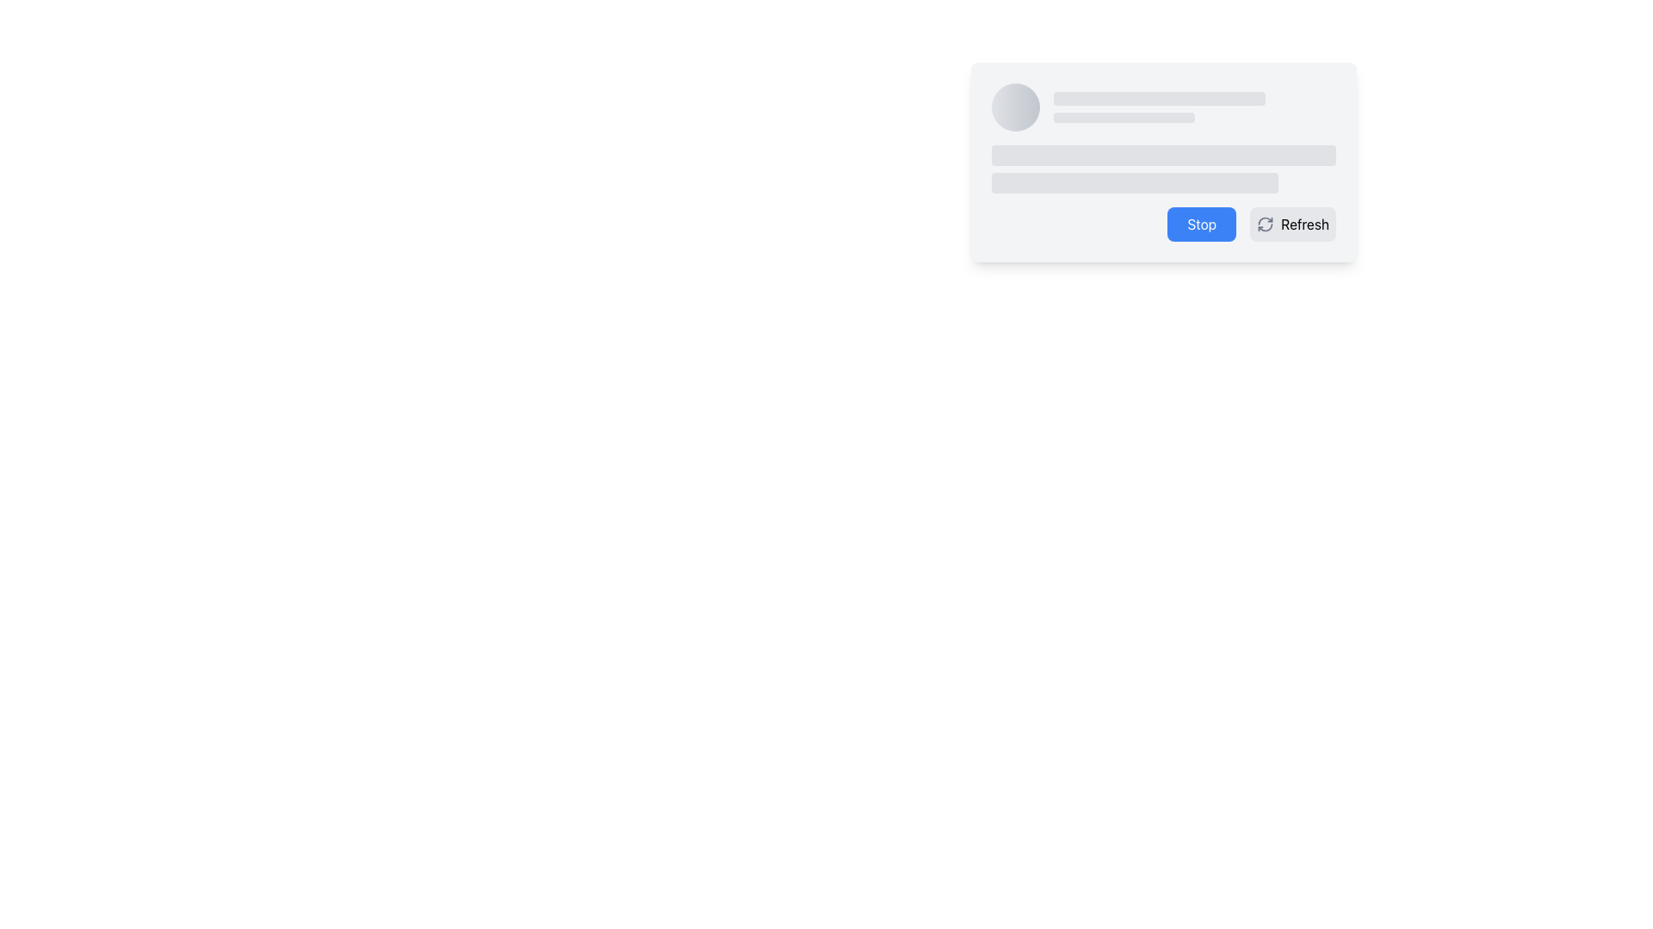  What do you see at coordinates (1164, 169) in the screenshot?
I see `the Loading Placeholder Component, which consists of two vertically stacked rectangular bars in a grayscale theme, located above the 'Stop' and 'Refresh' buttons` at bounding box center [1164, 169].